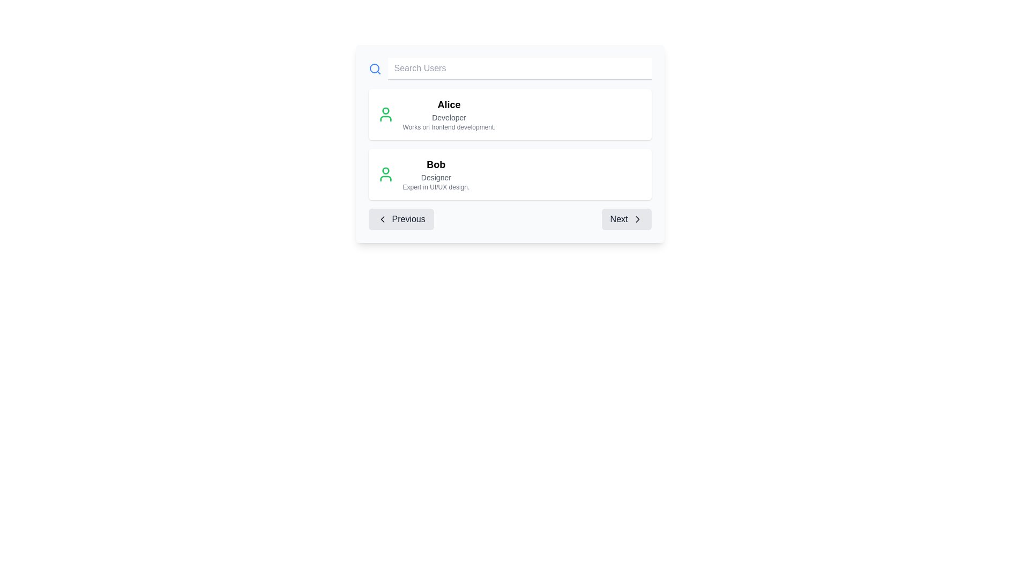 This screenshot has width=1029, height=578. Describe the element at coordinates (385, 111) in the screenshot. I see `the topmost circular graphical element representing the user 'Alice', which is positioned at the top center of the user icon` at that location.